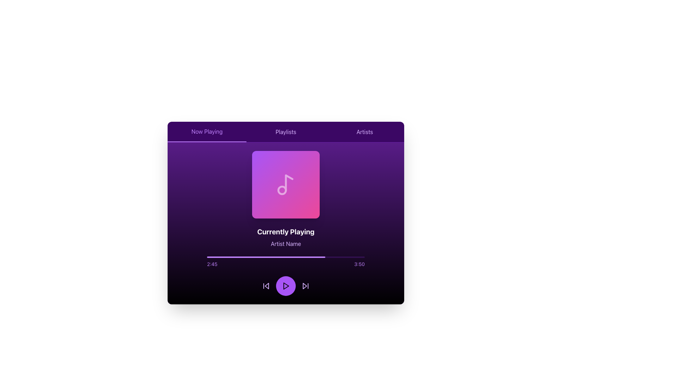 This screenshot has height=380, width=676. Describe the element at coordinates (286, 243) in the screenshot. I see `text label displaying 'Artist Name', which is located beneath 'Currently Playing' and above a progress bar` at that location.